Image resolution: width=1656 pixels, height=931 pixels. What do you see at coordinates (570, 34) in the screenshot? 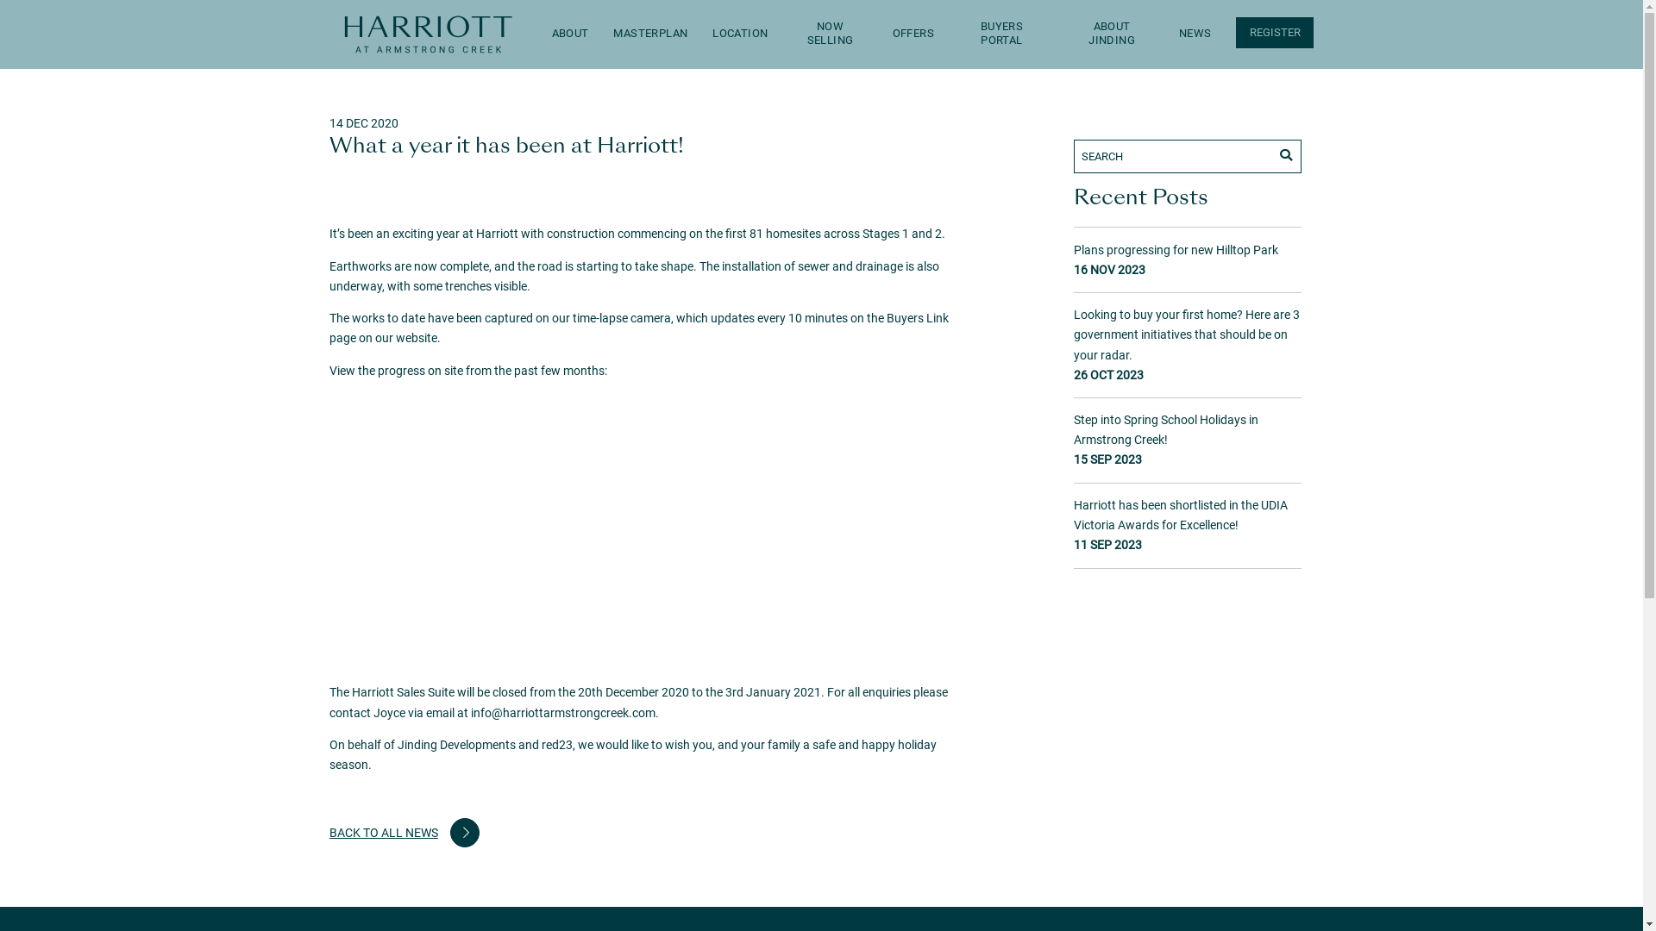
I see `'ABOUT'` at bounding box center [570, 34].